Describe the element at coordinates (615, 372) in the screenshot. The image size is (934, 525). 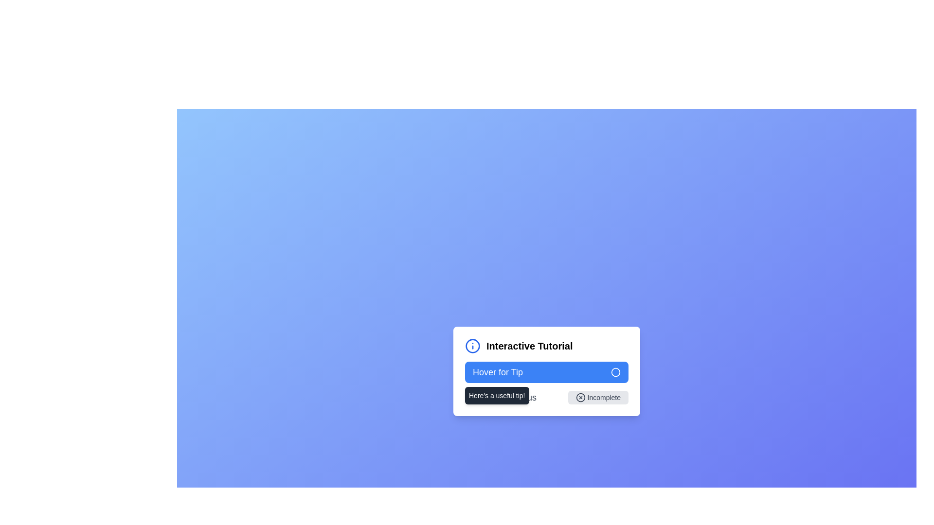
I see `the actionable icon located to the right of the text 'Hover for Tip' in the blue button` at that location.